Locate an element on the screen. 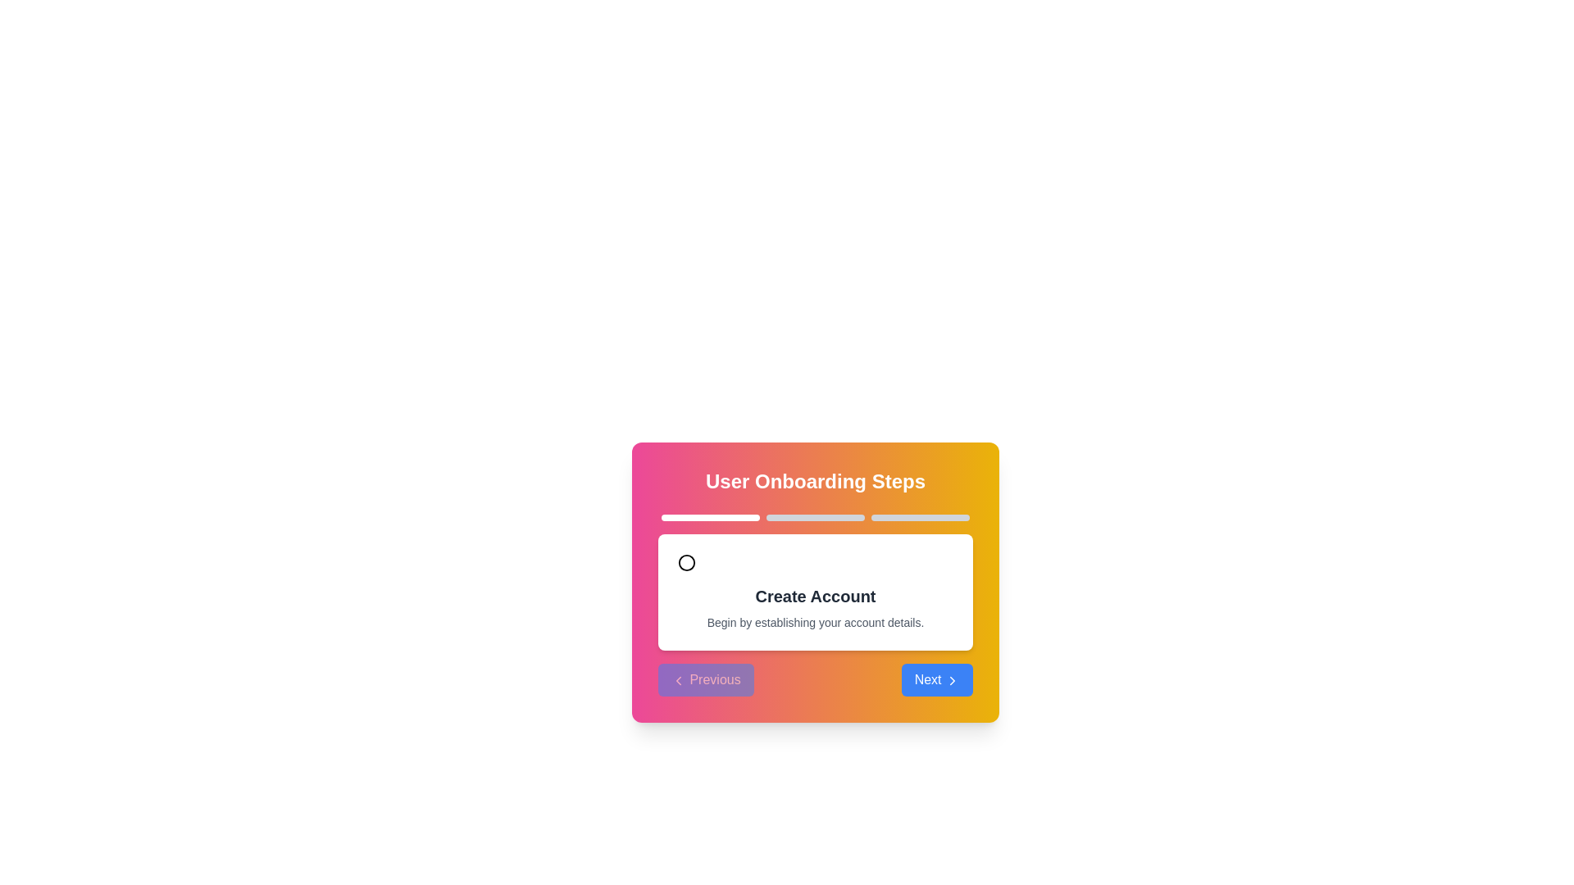 This screenshot has width=1574, height=885. the 'Next' button, which features a right-pointing chevron icon with a blue outline and white background is located at coordinates (952, 679).